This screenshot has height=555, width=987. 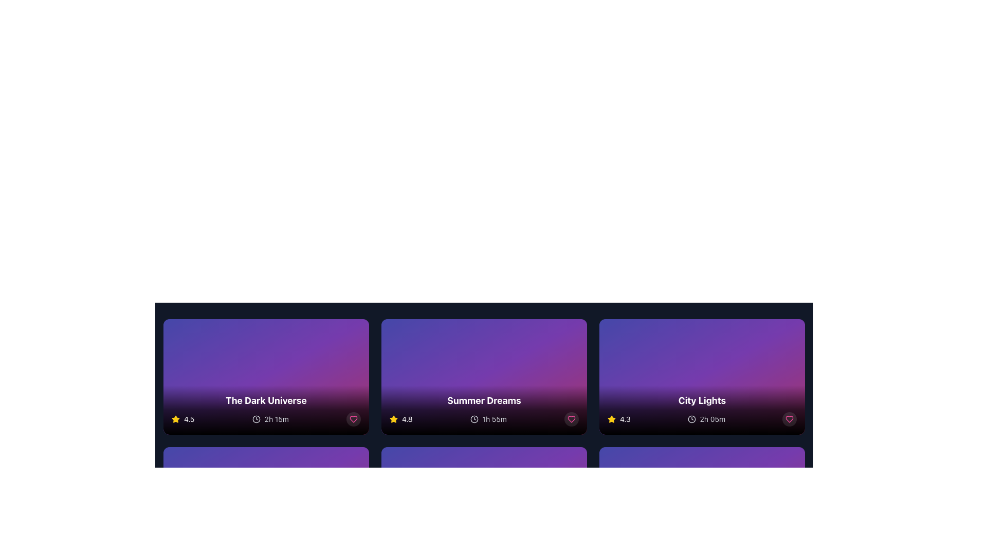 What do you see at coordinates (277, 419) in the screenshot?
I see `the text label displaying the duration '2h 15m' for accessibility, located next to the clock icon under the movie title 'The Dark Universe'` at bounding box center [277, 419].